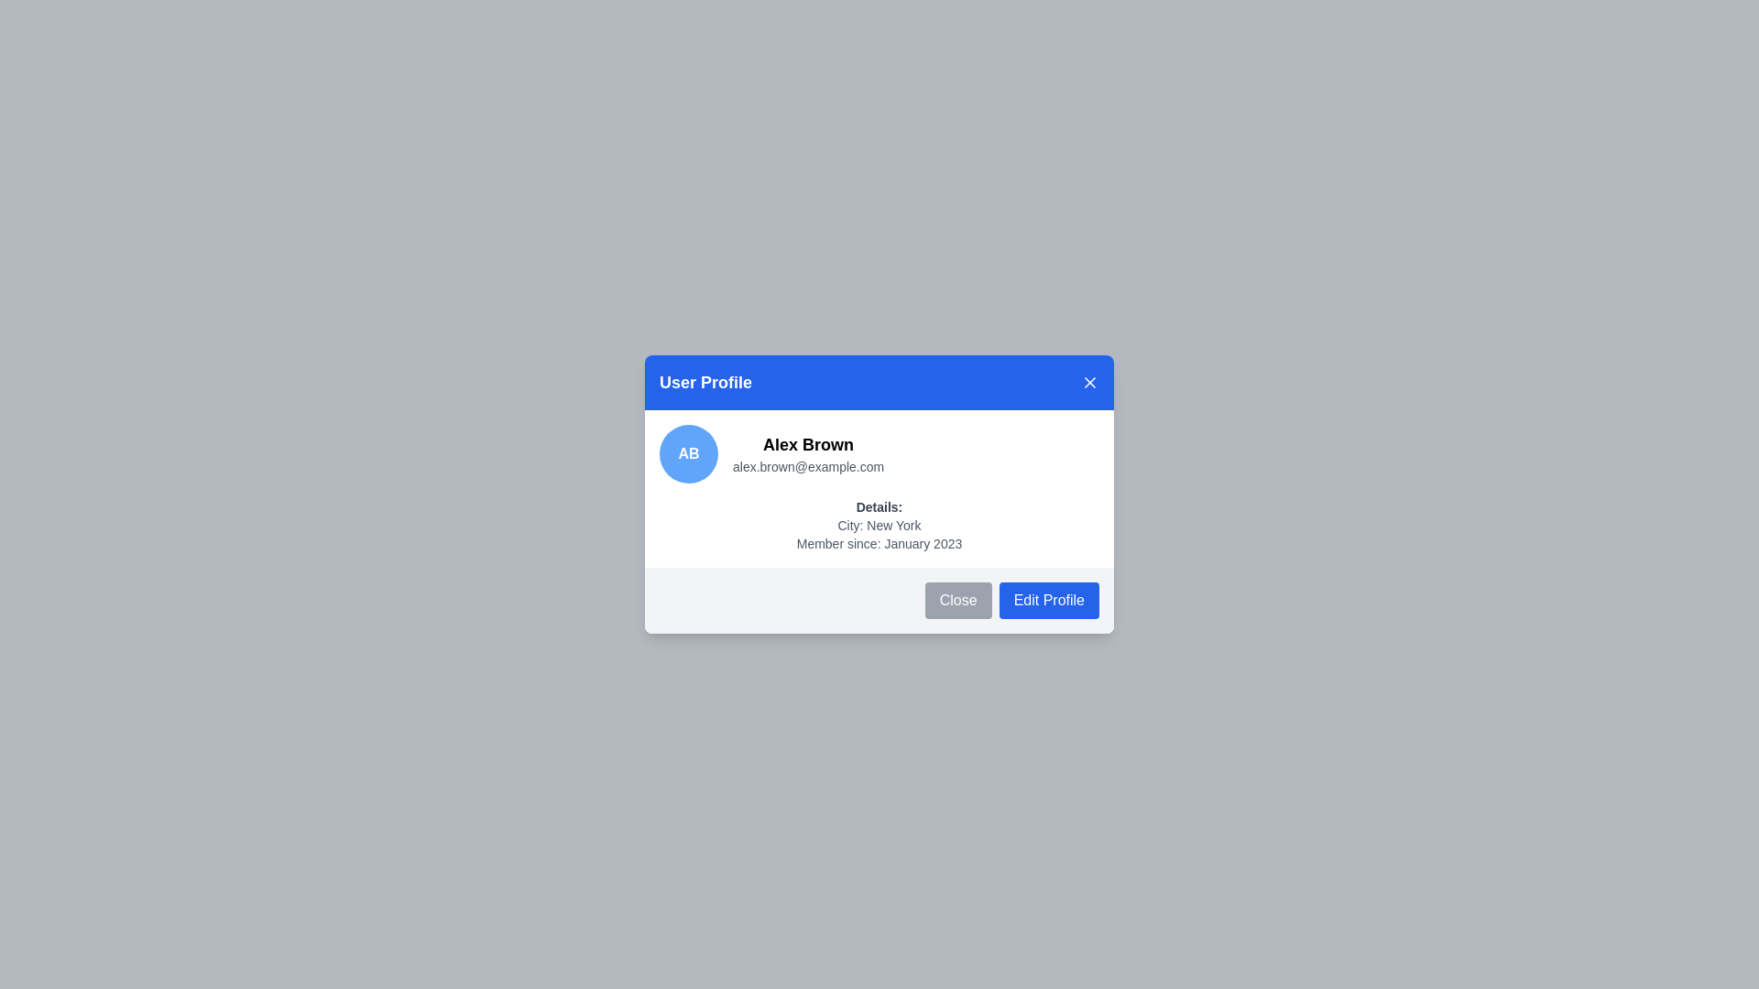 This screenshot has width=1759, height=989. I want to click on details provided within the Profile Display Card that contains the user's name 'Alex Brown', email 'alex.brown@example.com', city 'New York', and membership date 'January 2023', so click(879, 487).